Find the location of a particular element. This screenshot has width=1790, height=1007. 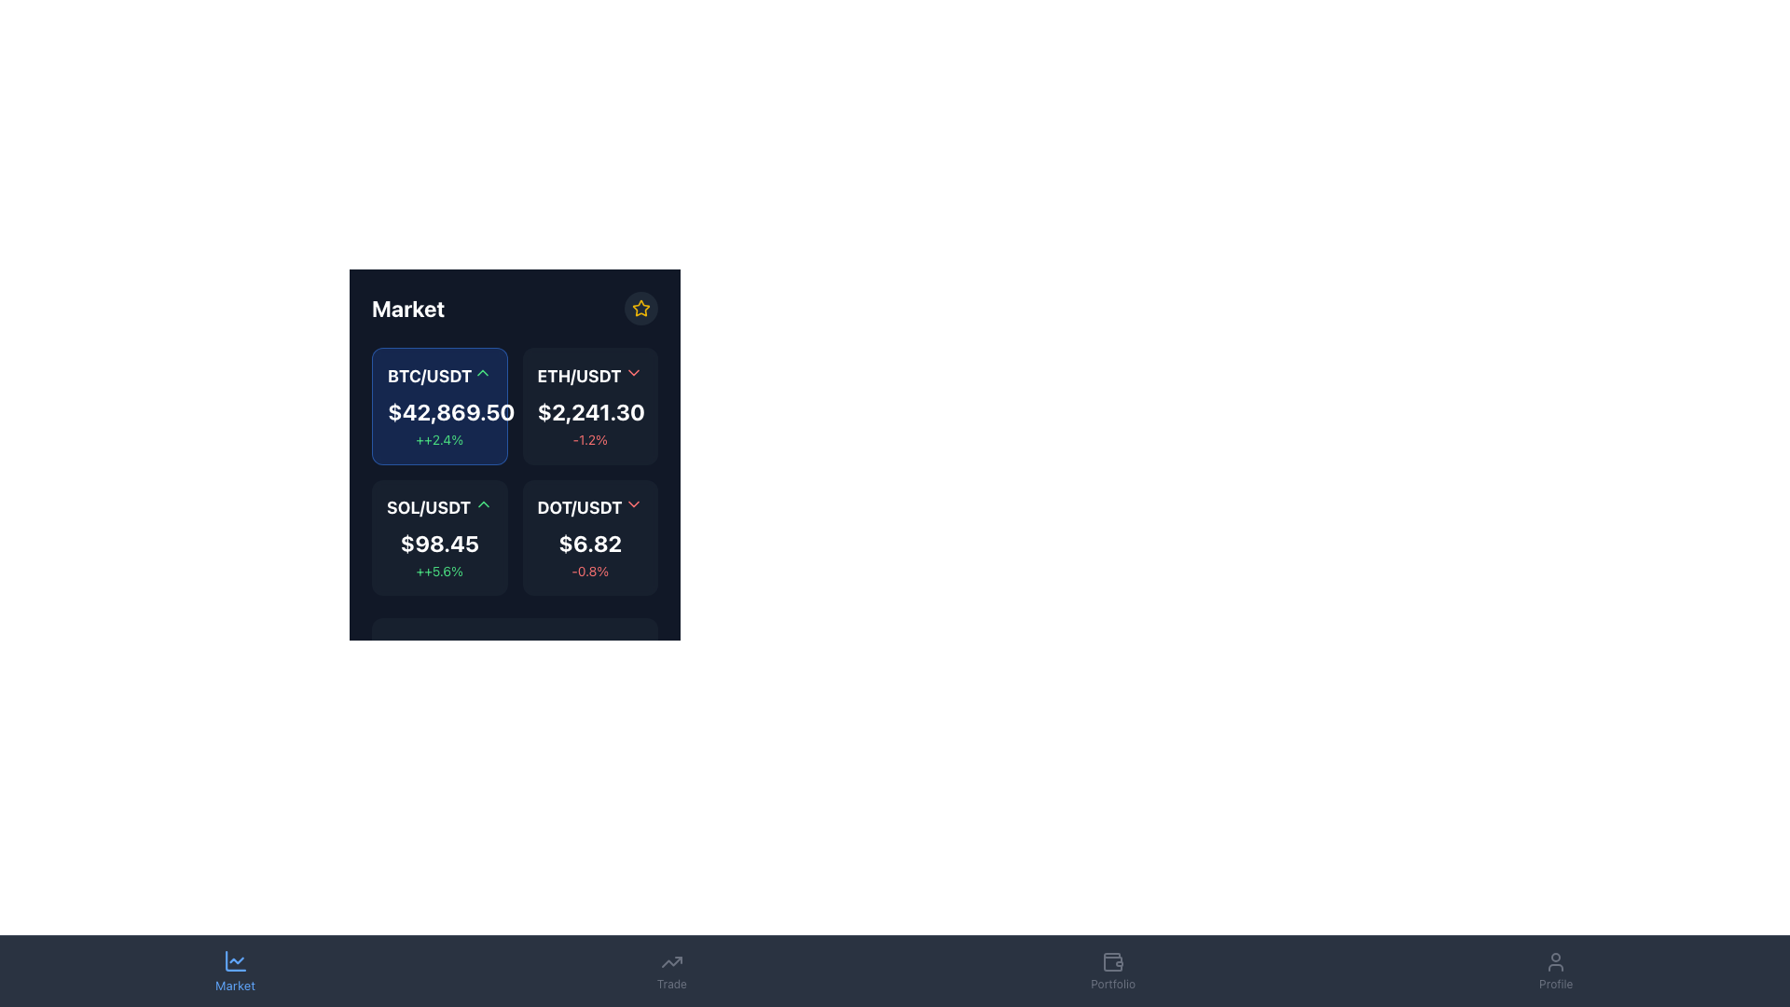

text element displaying '++5.6%' which indicates a positive percentage change, located below the price text '$98.45' in the SOL/USDT market card is located at coordinates (438, 571).